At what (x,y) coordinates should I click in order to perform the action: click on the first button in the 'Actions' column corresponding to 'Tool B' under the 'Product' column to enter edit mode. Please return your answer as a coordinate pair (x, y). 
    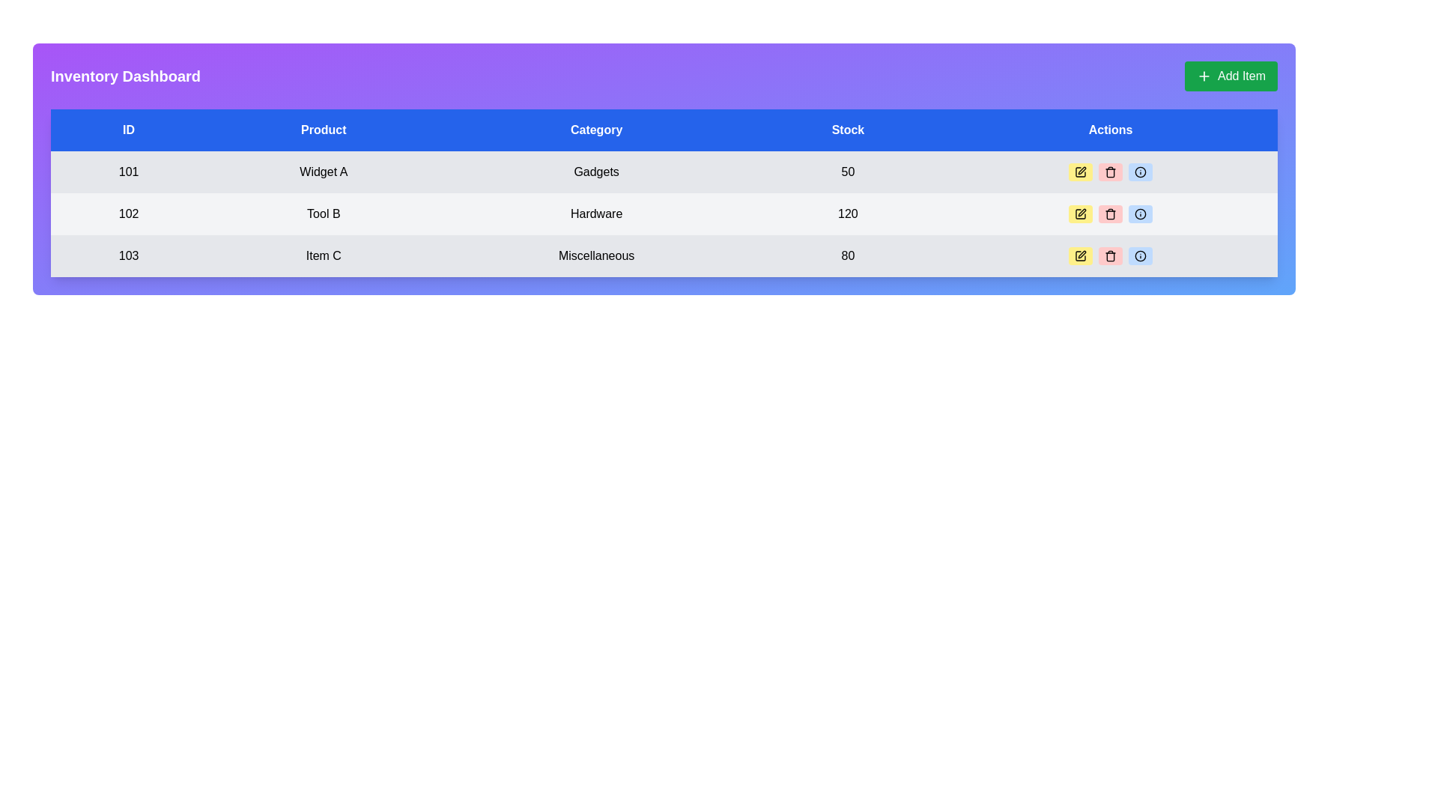
    Looking at the image, I should click on (1081, 213).